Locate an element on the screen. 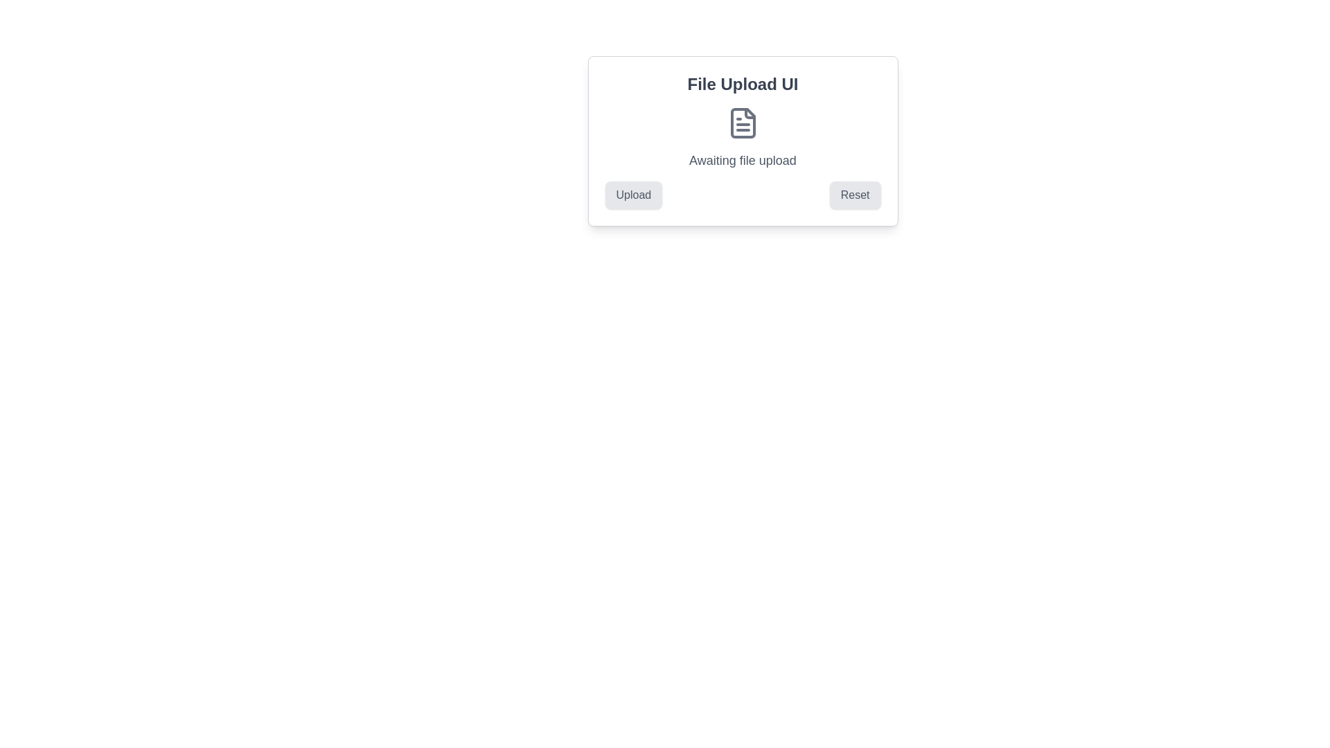 The height and width of the screenshot is (748, 1330). the decorative upload icon located centrally in the light-colored rectangular area under the title 'File Upload UI' is located at coordinates (742, 122).